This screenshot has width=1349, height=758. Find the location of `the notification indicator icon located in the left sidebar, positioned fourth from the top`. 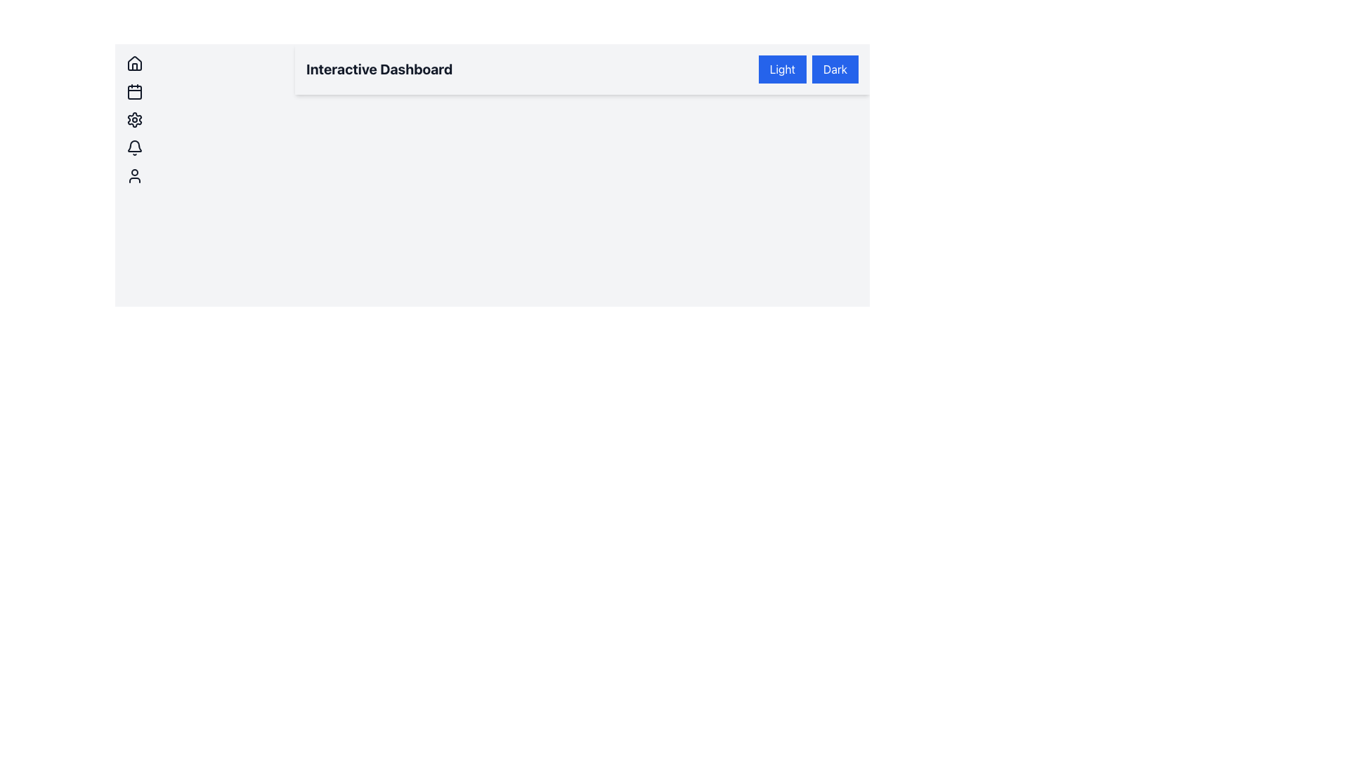

the notification indicator icon located in the left sidebar, positioned fourth from the top is located at coordinates (135, 148).